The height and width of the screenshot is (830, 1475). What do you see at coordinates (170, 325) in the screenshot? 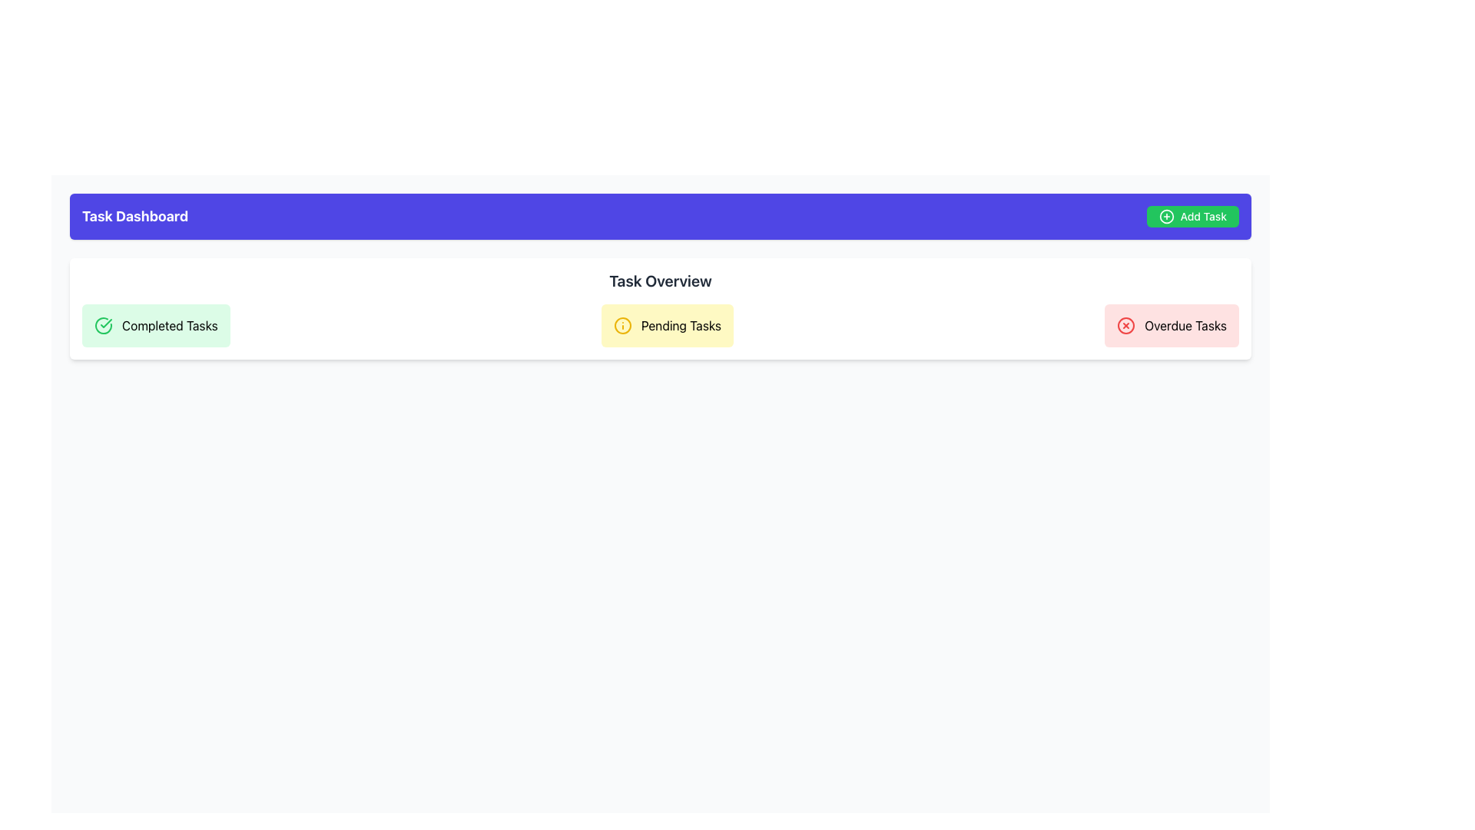
I see `text displayed in the light green rounded rectangular box that serves as a label for the corresponding task category` at bounding box center [170, 325].